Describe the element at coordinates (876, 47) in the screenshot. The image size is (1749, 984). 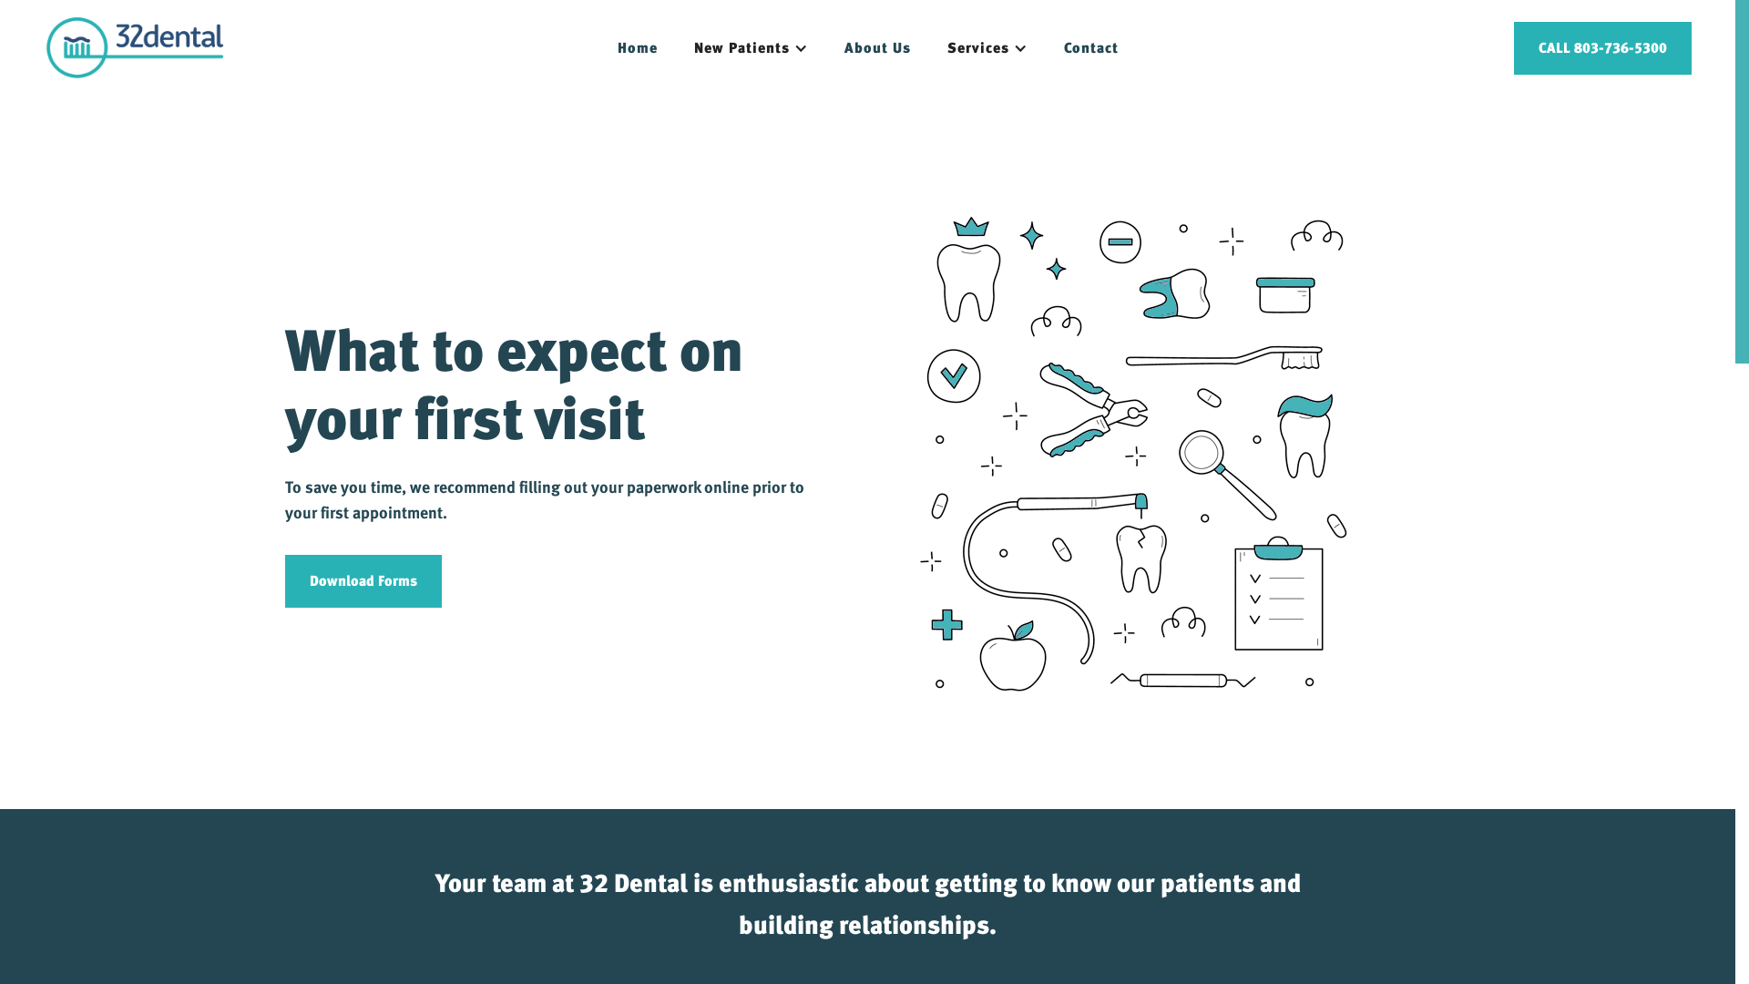
I see `'About Us'` at that location.